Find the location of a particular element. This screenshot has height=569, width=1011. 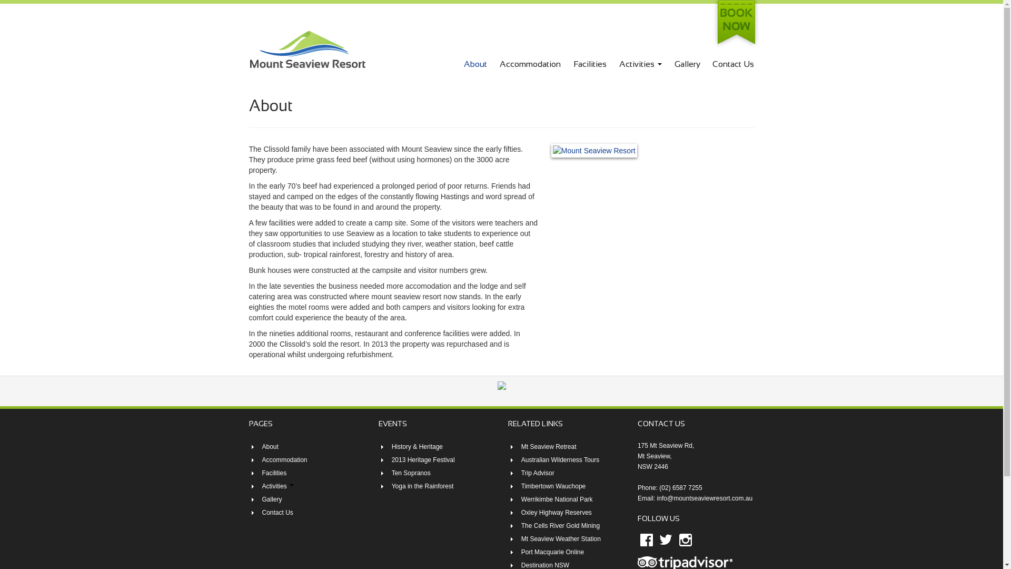

'Accommodation' is located at coordinates (285, 459).